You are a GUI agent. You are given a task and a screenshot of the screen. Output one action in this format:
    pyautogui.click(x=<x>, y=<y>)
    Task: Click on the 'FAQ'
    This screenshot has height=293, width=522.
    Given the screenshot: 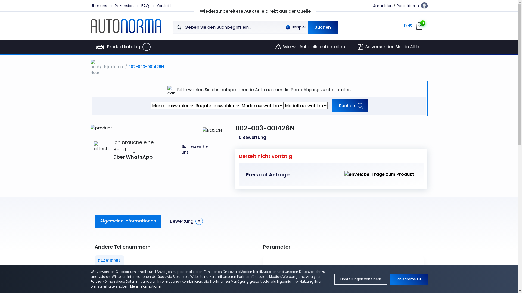 What is the action you would take?
    pyautogui.click(x=149, y=5)
    